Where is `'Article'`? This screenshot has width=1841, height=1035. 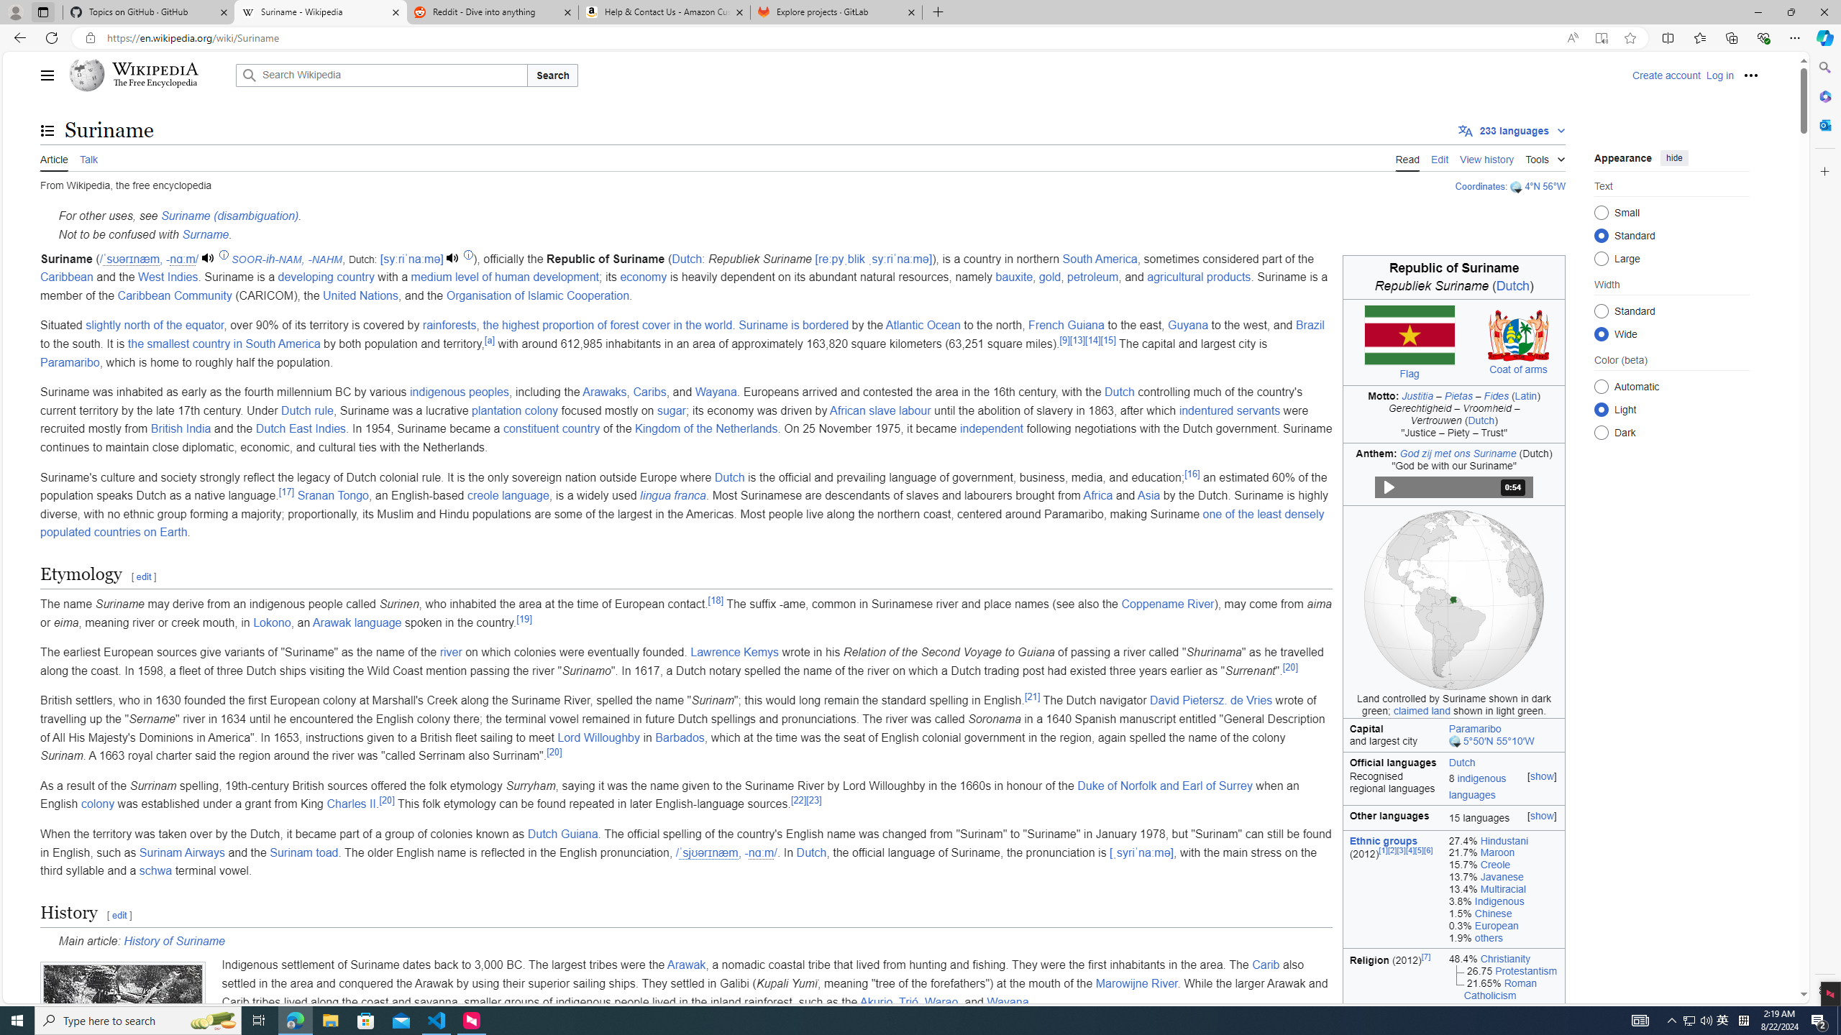
'Article' is located at coordinates (53, 157).